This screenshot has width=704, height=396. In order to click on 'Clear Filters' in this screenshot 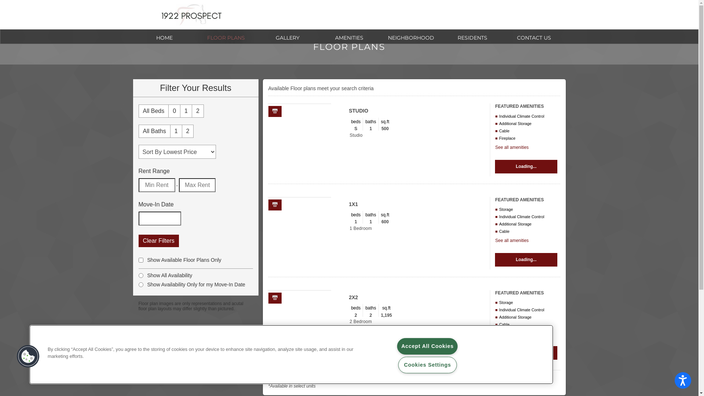, I will do `click(139, 241)`.